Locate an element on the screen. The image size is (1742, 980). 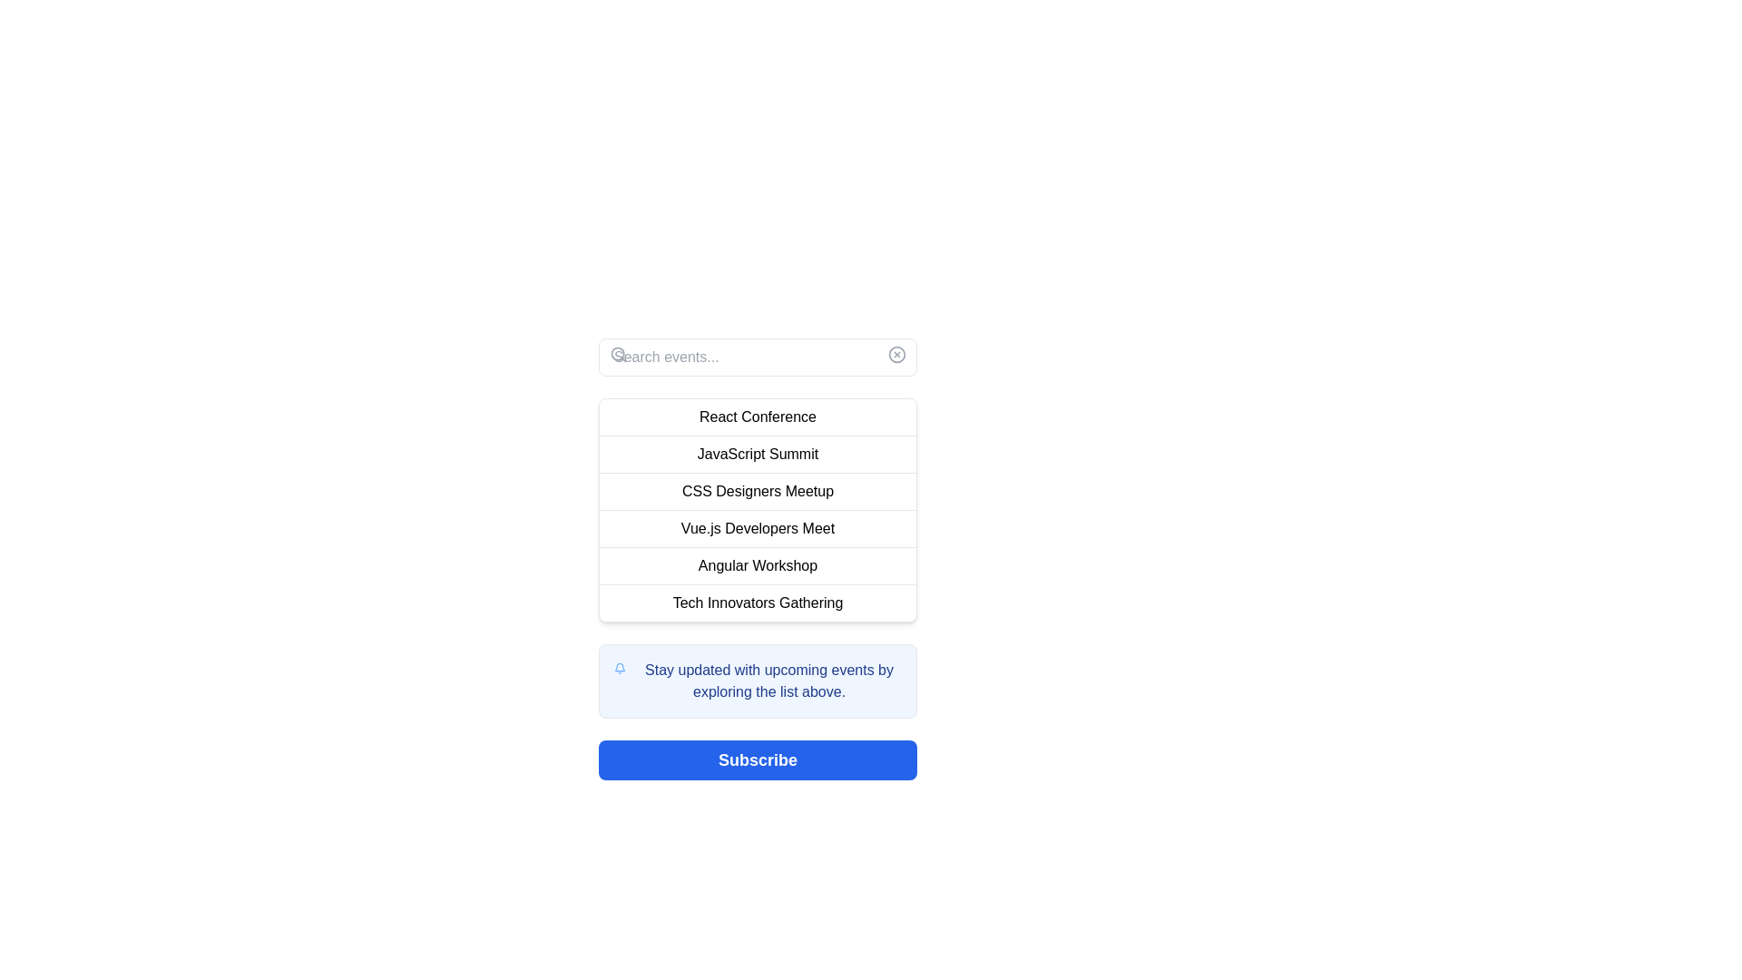
the clear button located at the top-right corner of the search input field to clear any text entered in the search bar is located at coordinates (896, 354).